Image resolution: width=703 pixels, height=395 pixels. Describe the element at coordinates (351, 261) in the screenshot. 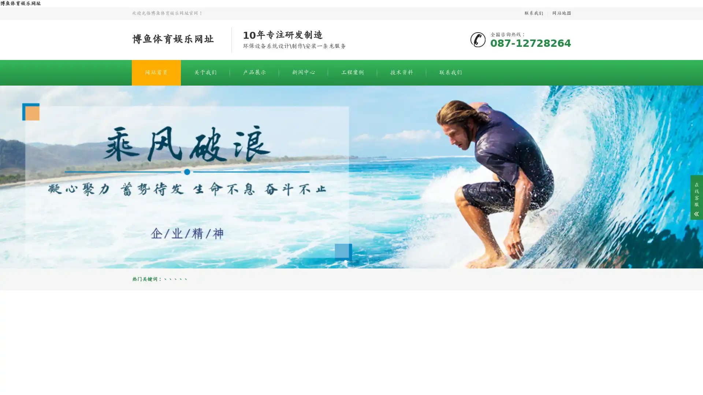

I see `Go to slide 2` at that location.